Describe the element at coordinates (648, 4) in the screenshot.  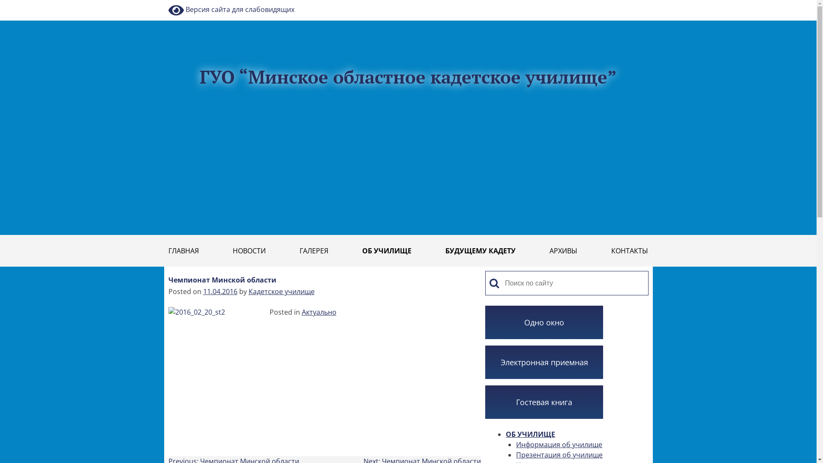
I see `'Russian'` at that location.